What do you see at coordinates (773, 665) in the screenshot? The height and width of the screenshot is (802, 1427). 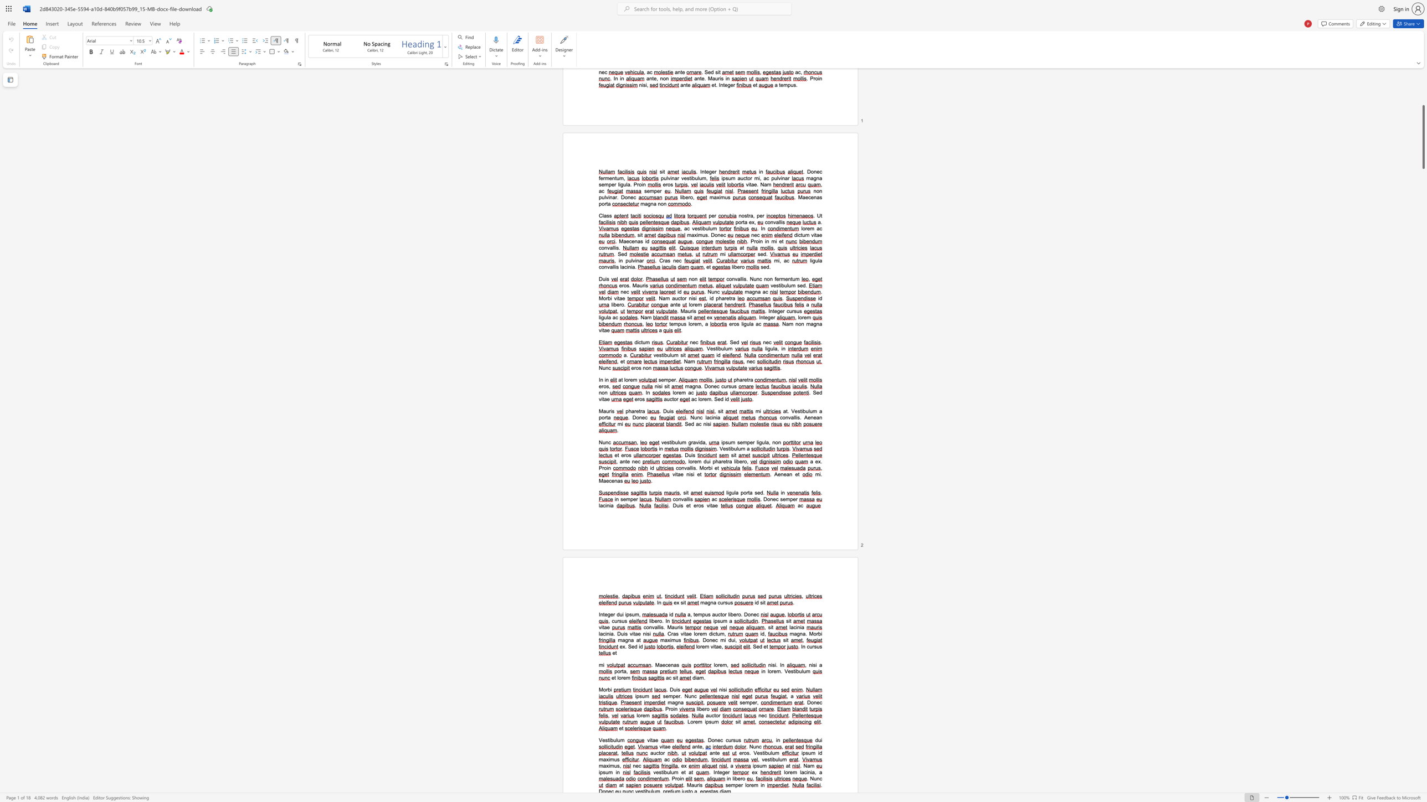 I see `the 1th character "s" in the text` at bounding box center [773, 665].